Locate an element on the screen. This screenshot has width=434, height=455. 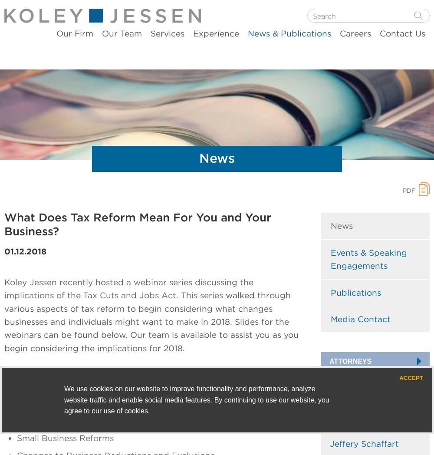
'PDF' is located at coordinates (408, 190).